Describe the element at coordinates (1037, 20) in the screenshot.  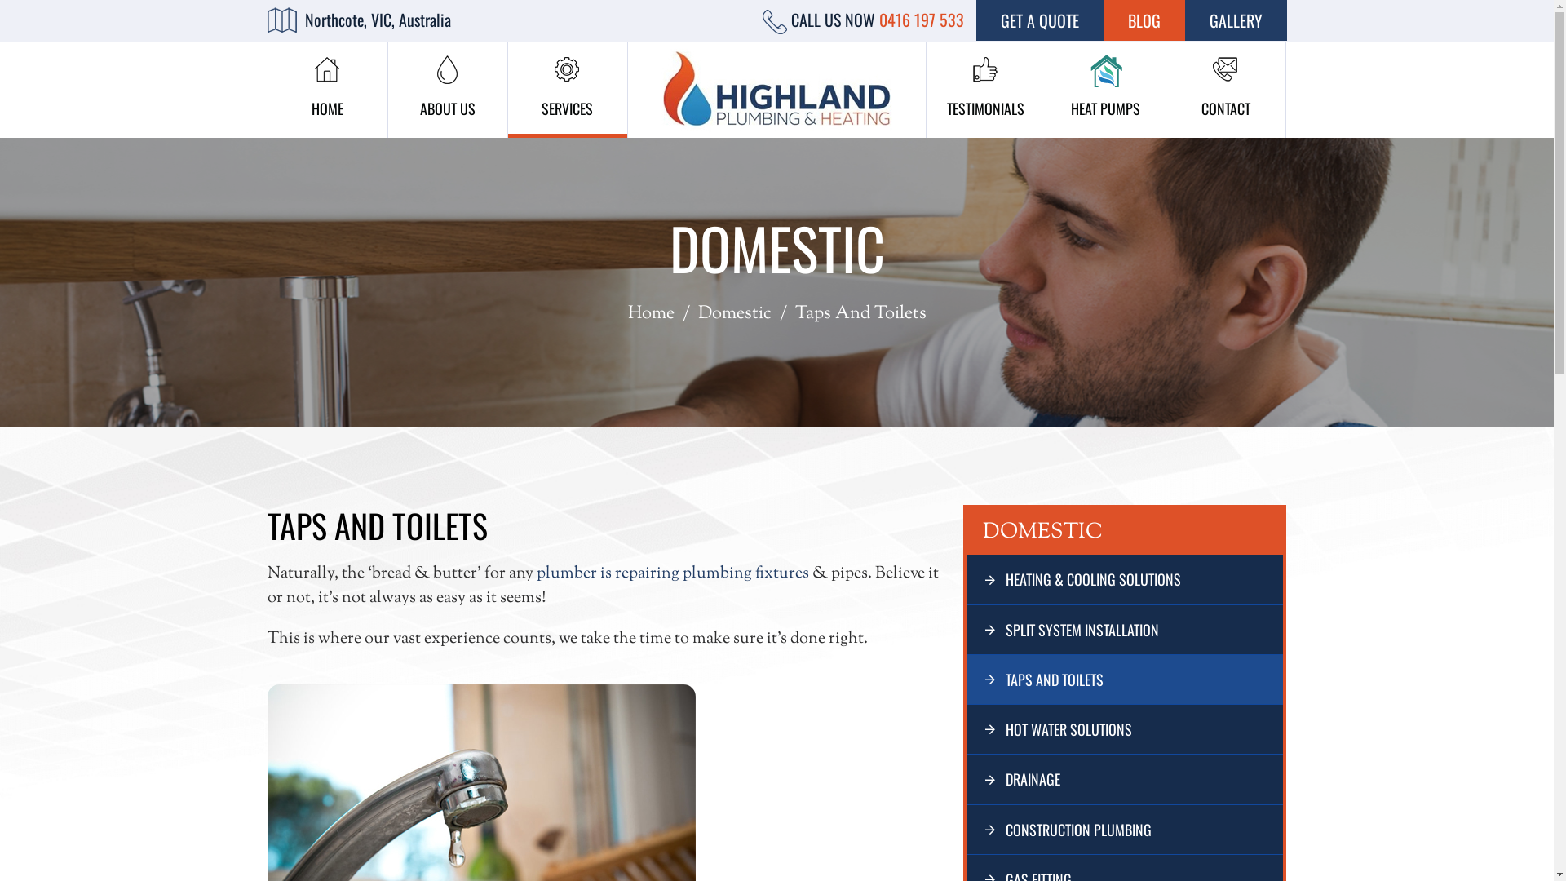
I see `'GET A QUOTE'` at that location.